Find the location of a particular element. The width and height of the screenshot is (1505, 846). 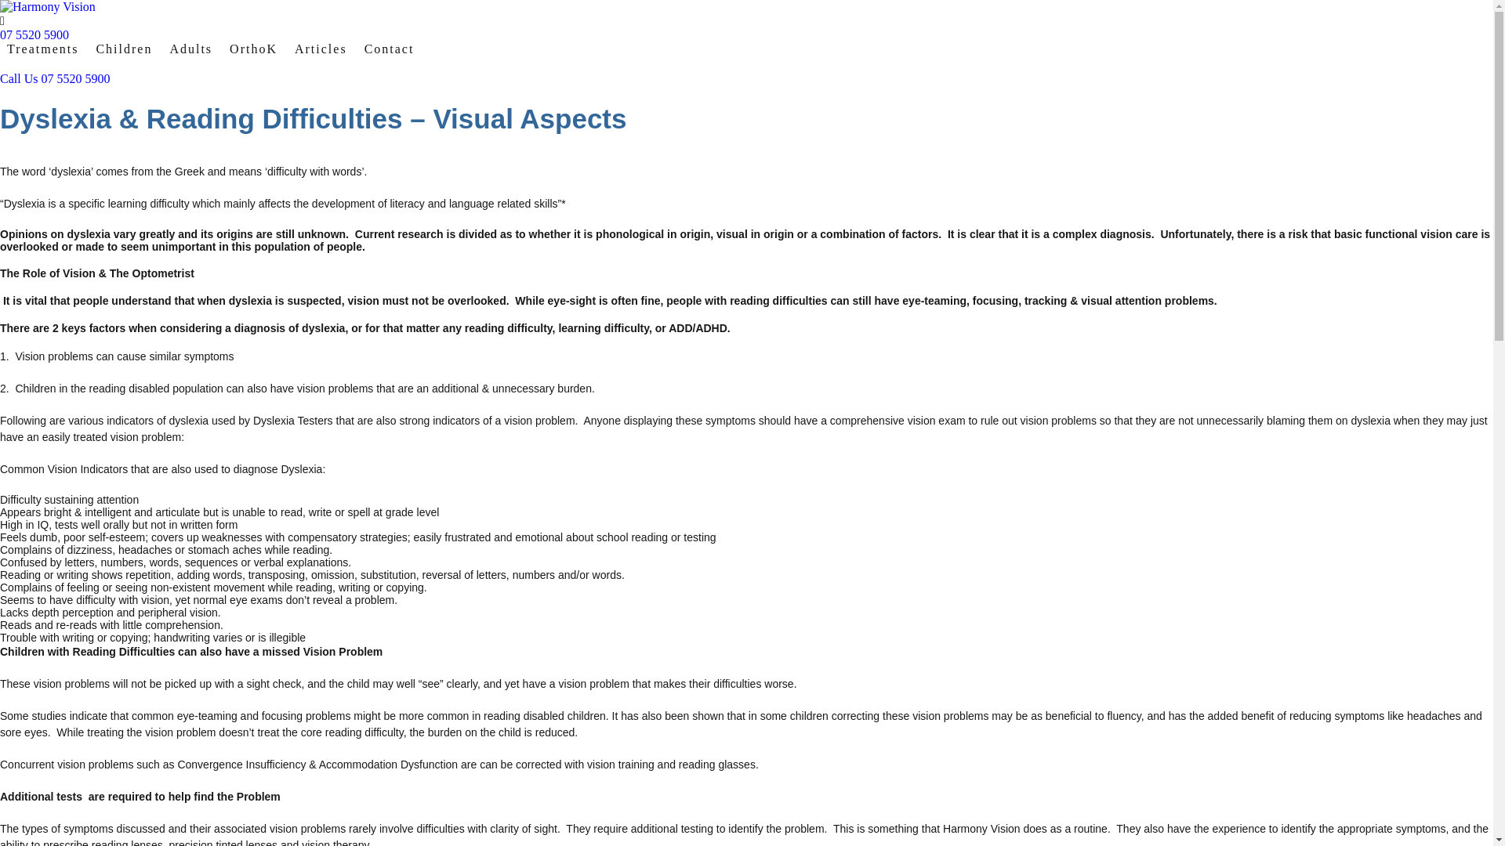

'Contact' is located at coordinates (390, 48).